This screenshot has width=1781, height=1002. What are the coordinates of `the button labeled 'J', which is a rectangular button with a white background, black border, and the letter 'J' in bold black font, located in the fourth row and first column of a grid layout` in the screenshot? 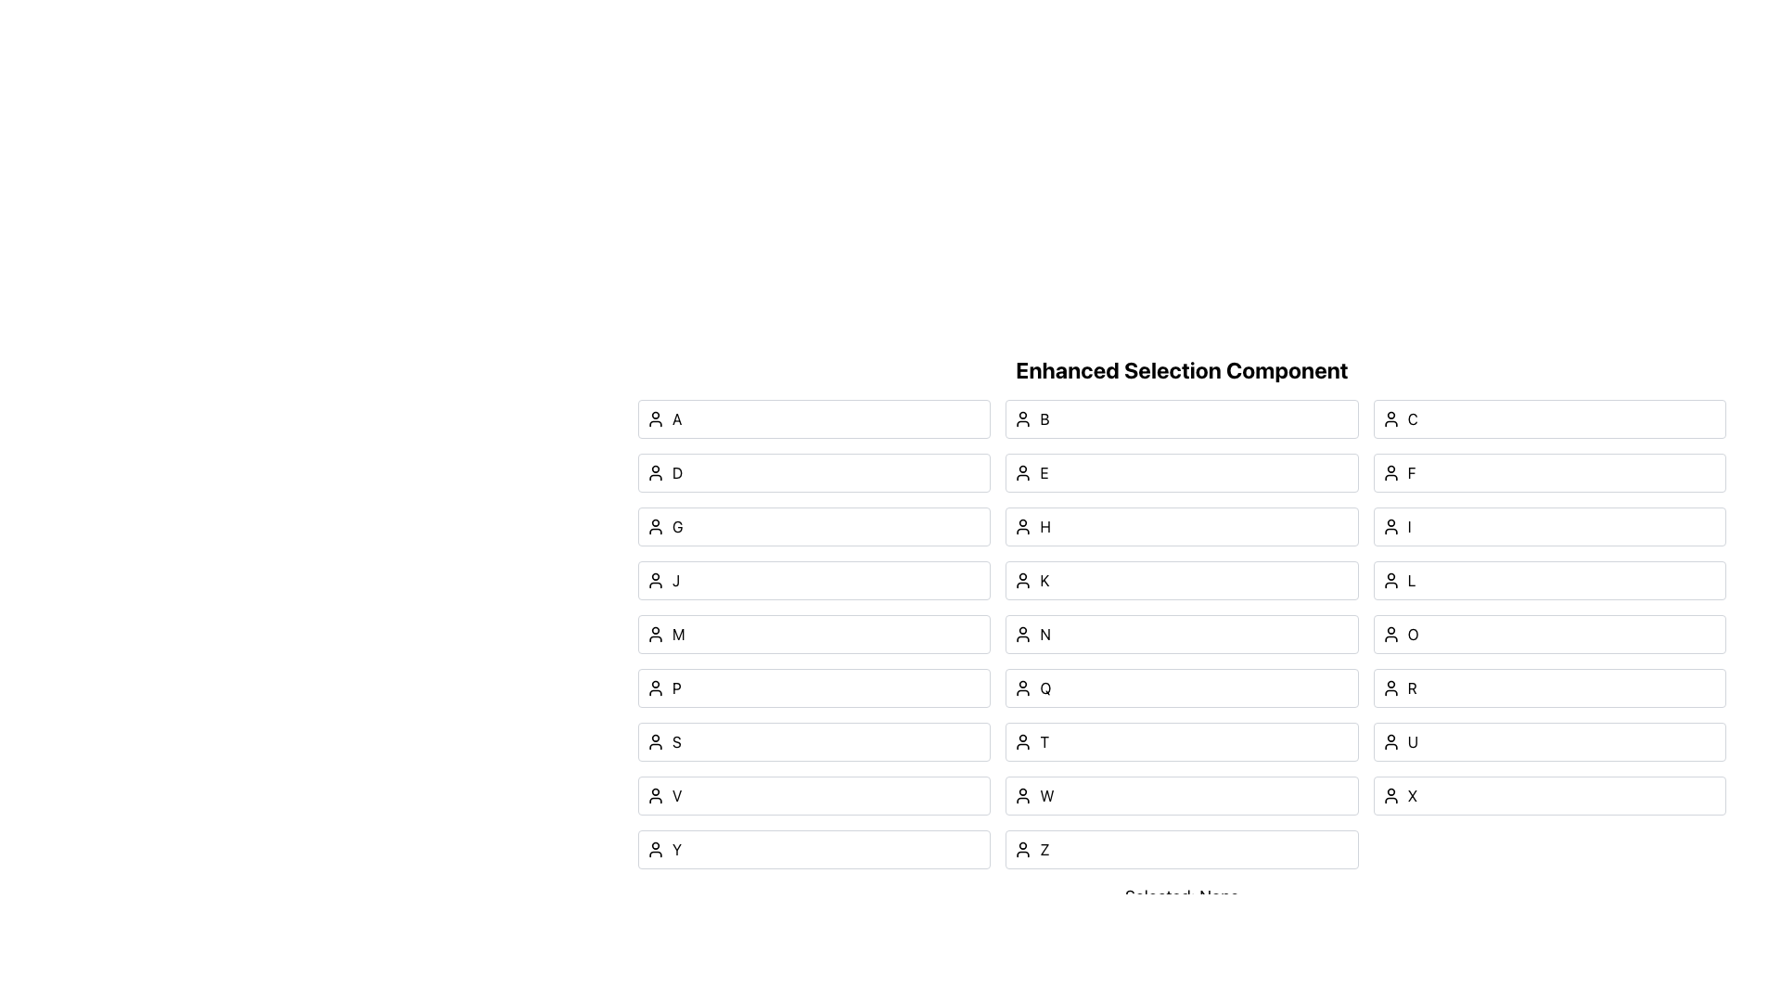 It's located at (814, 579).